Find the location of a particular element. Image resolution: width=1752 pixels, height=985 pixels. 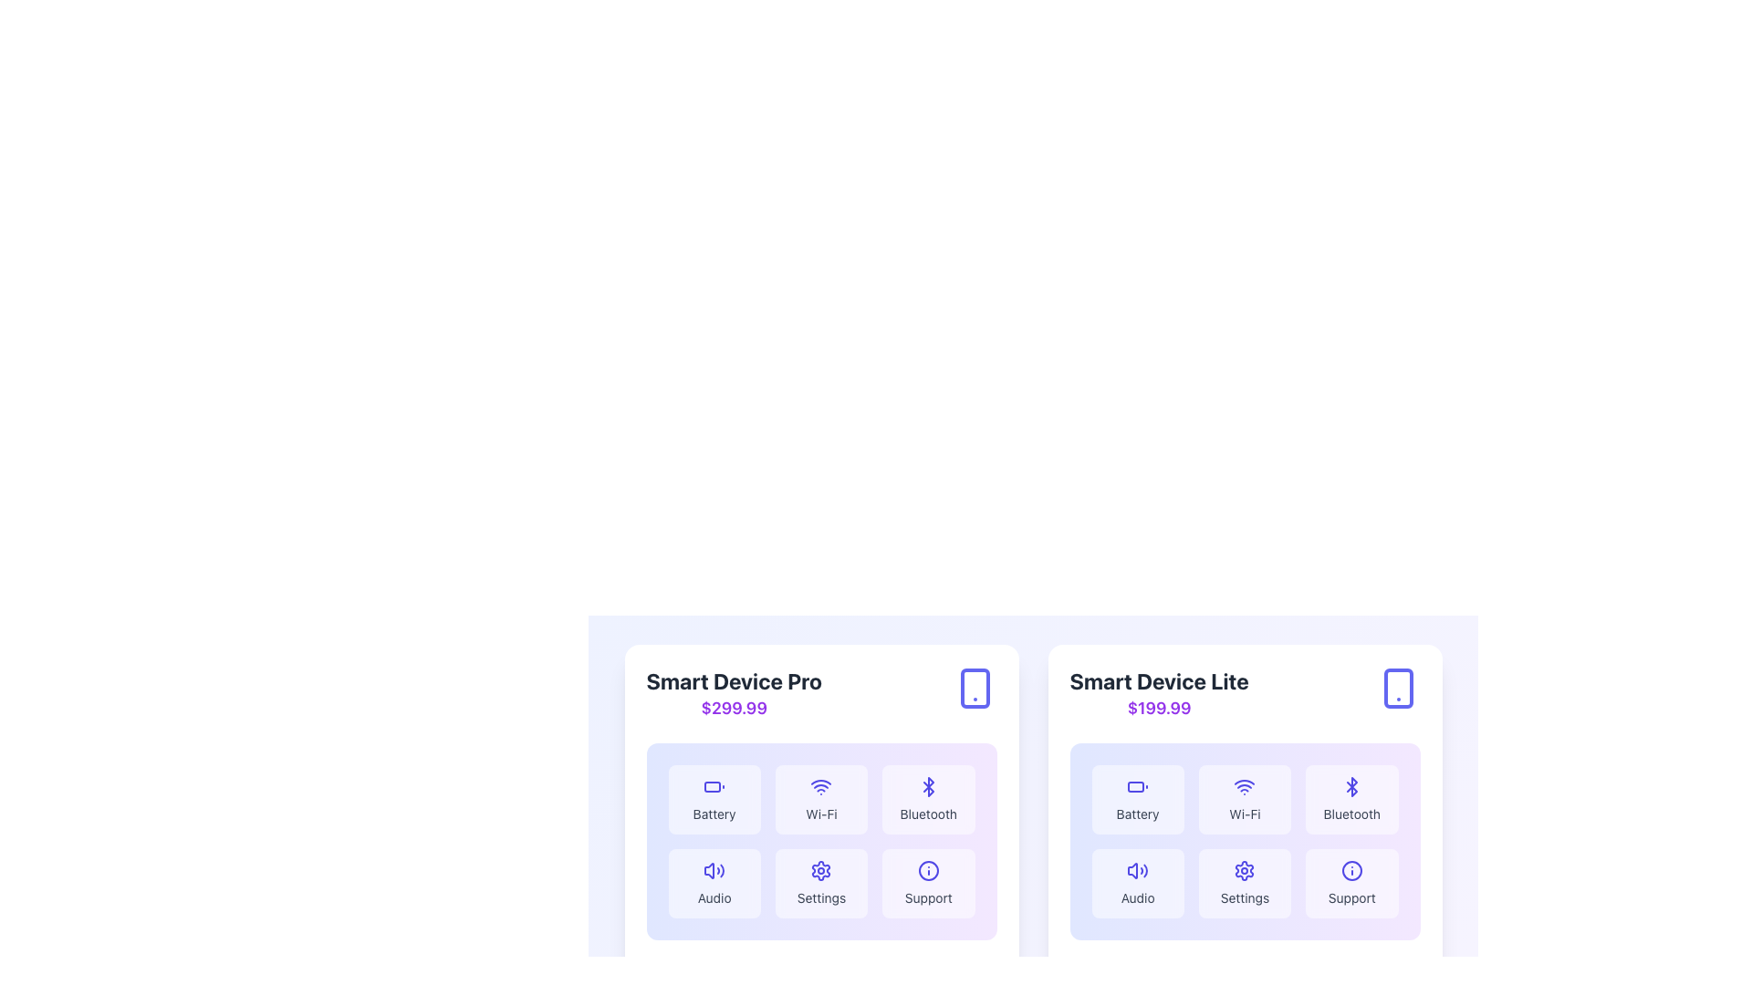

the second arc segment of the Wi-Fi icon in the top-right section of the 'Smart Device Lite' product card is located at coordinates (1244, 781).